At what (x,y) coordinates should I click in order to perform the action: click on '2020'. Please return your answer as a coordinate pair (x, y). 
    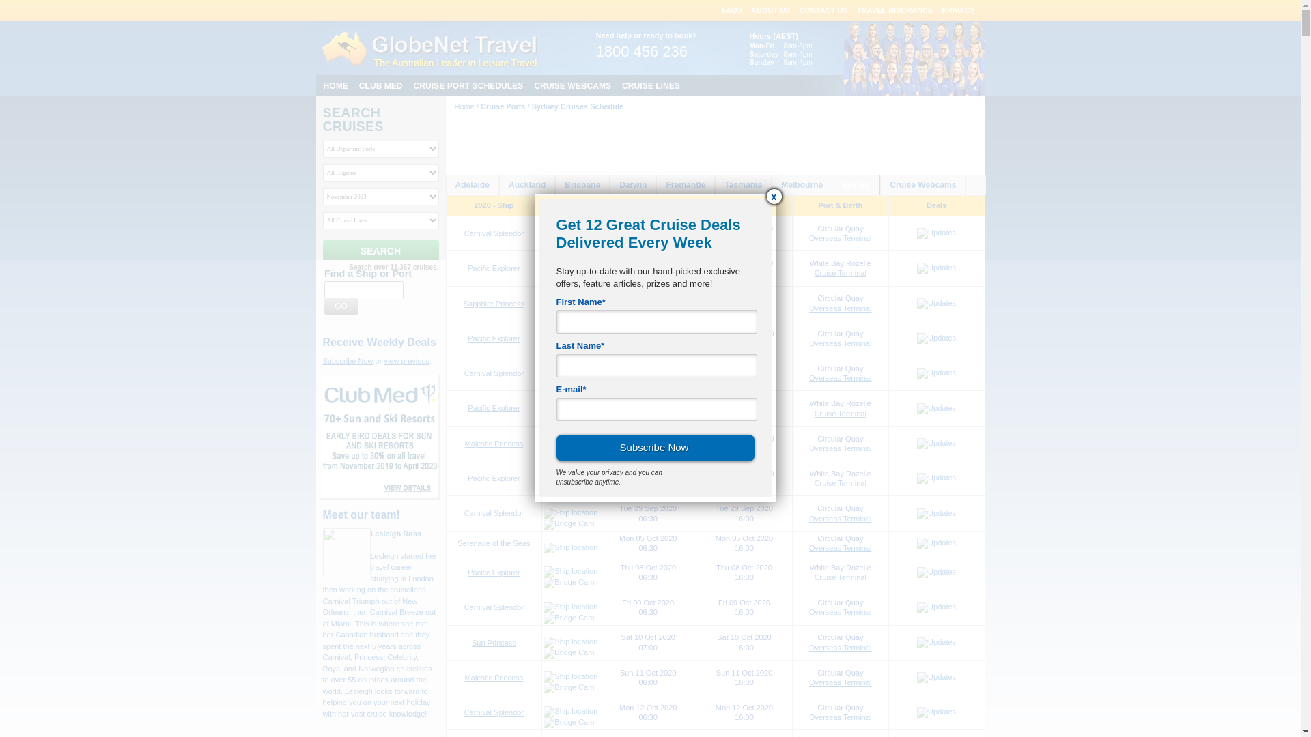
    Looking at the image, I should click on (591, 150).